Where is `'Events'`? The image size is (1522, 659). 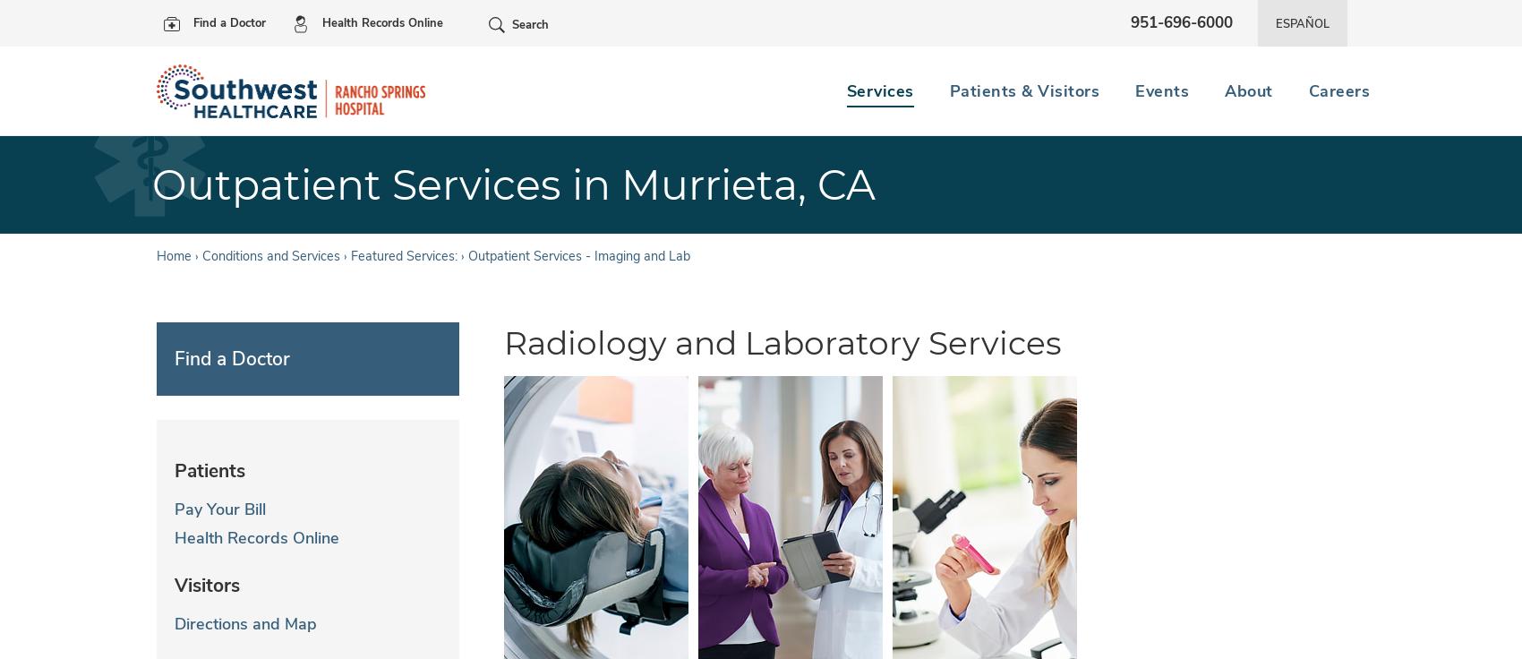 'Events' is located at coordinates (1161, 90).